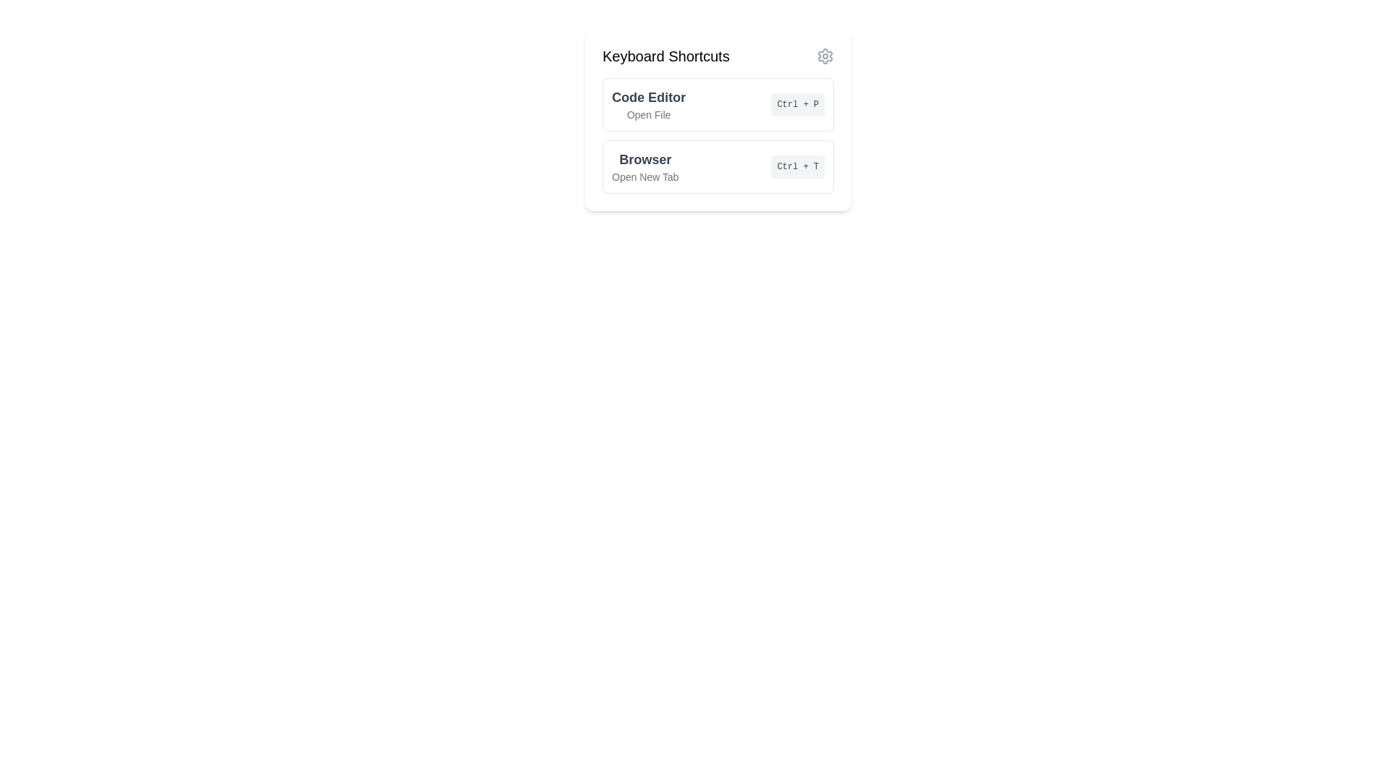 This screenshot has height=781, width=1389. What do you see at coordinates (825, 55) in the screenshot?
I see `the gear icon in the top-right corner of the 'Keyboard Shortcuts' box` at bounding box center [825, 55].